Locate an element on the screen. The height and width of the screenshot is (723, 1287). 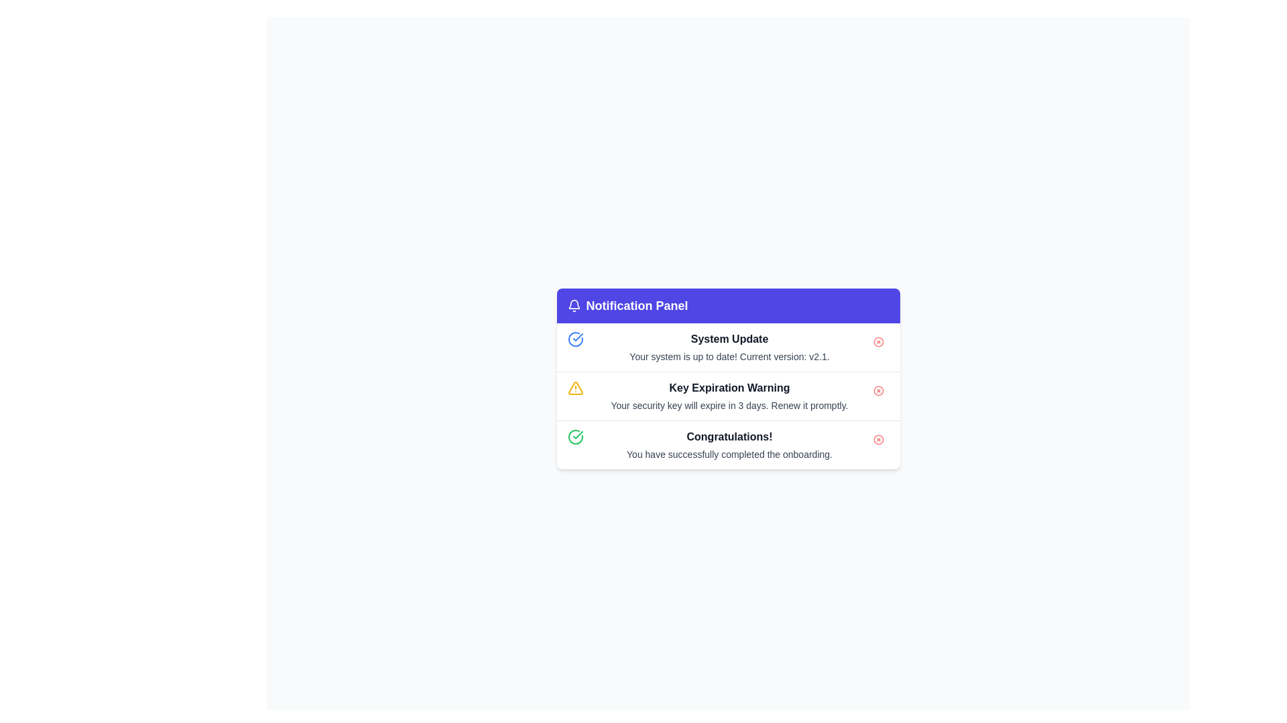
the circular red outlined button with a white interior and 'X' icon is located at coordinates (878, 439).